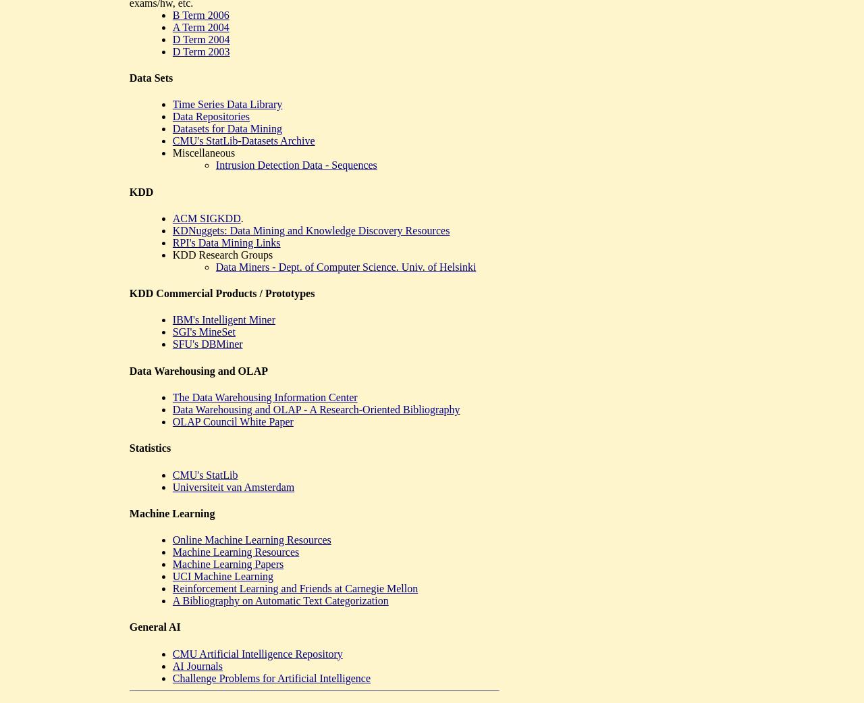 This screenshot has width=864, height=703. I want to click on 'Intrusion Detection Data - Sequences', so click(295, 164).